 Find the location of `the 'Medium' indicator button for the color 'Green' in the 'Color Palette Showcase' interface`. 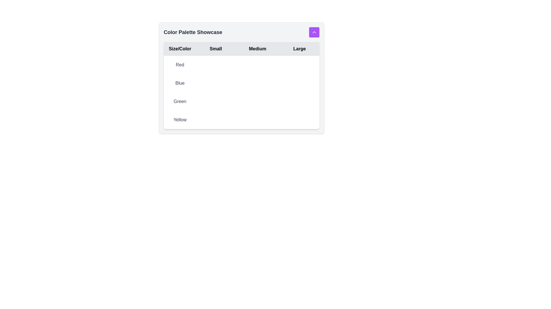

the 'Medium' indicator button for the color 'Green' in the 'Color Palette Showcase' interface is located at coordinates (257, 101).